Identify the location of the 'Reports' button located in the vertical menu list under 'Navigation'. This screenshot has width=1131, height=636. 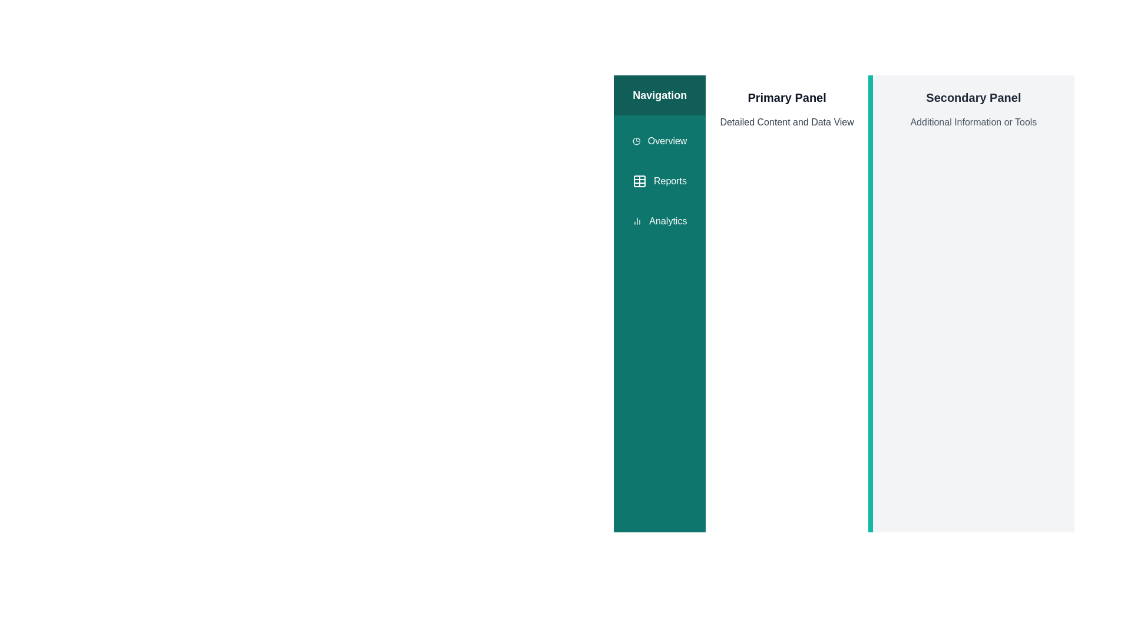
(660, 181).